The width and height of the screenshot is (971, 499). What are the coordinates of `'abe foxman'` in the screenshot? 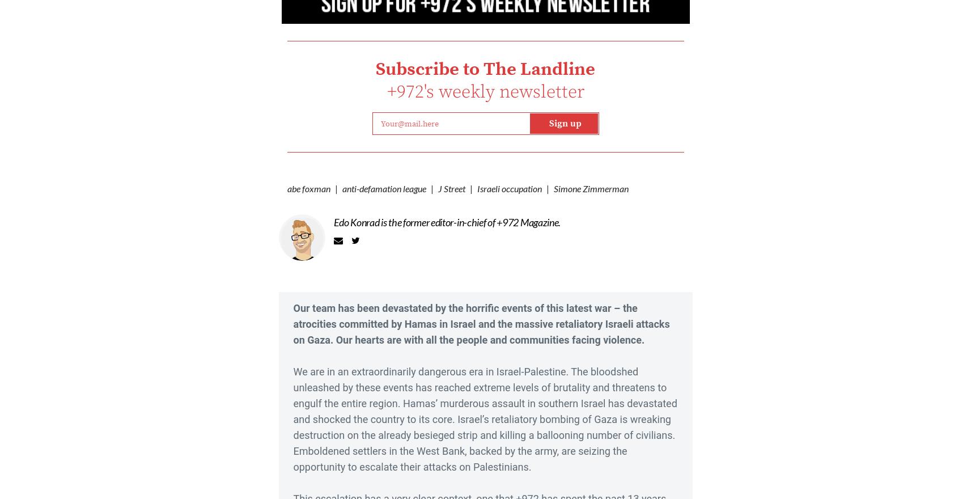 It's located at (308, 188).